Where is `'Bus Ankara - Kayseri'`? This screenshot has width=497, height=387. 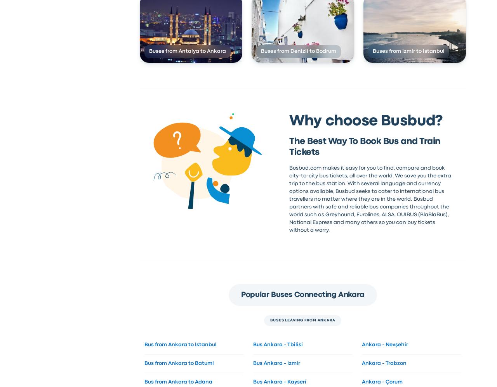 'Bus Ankara - Kayseri' is located at coordinates (279, 381).